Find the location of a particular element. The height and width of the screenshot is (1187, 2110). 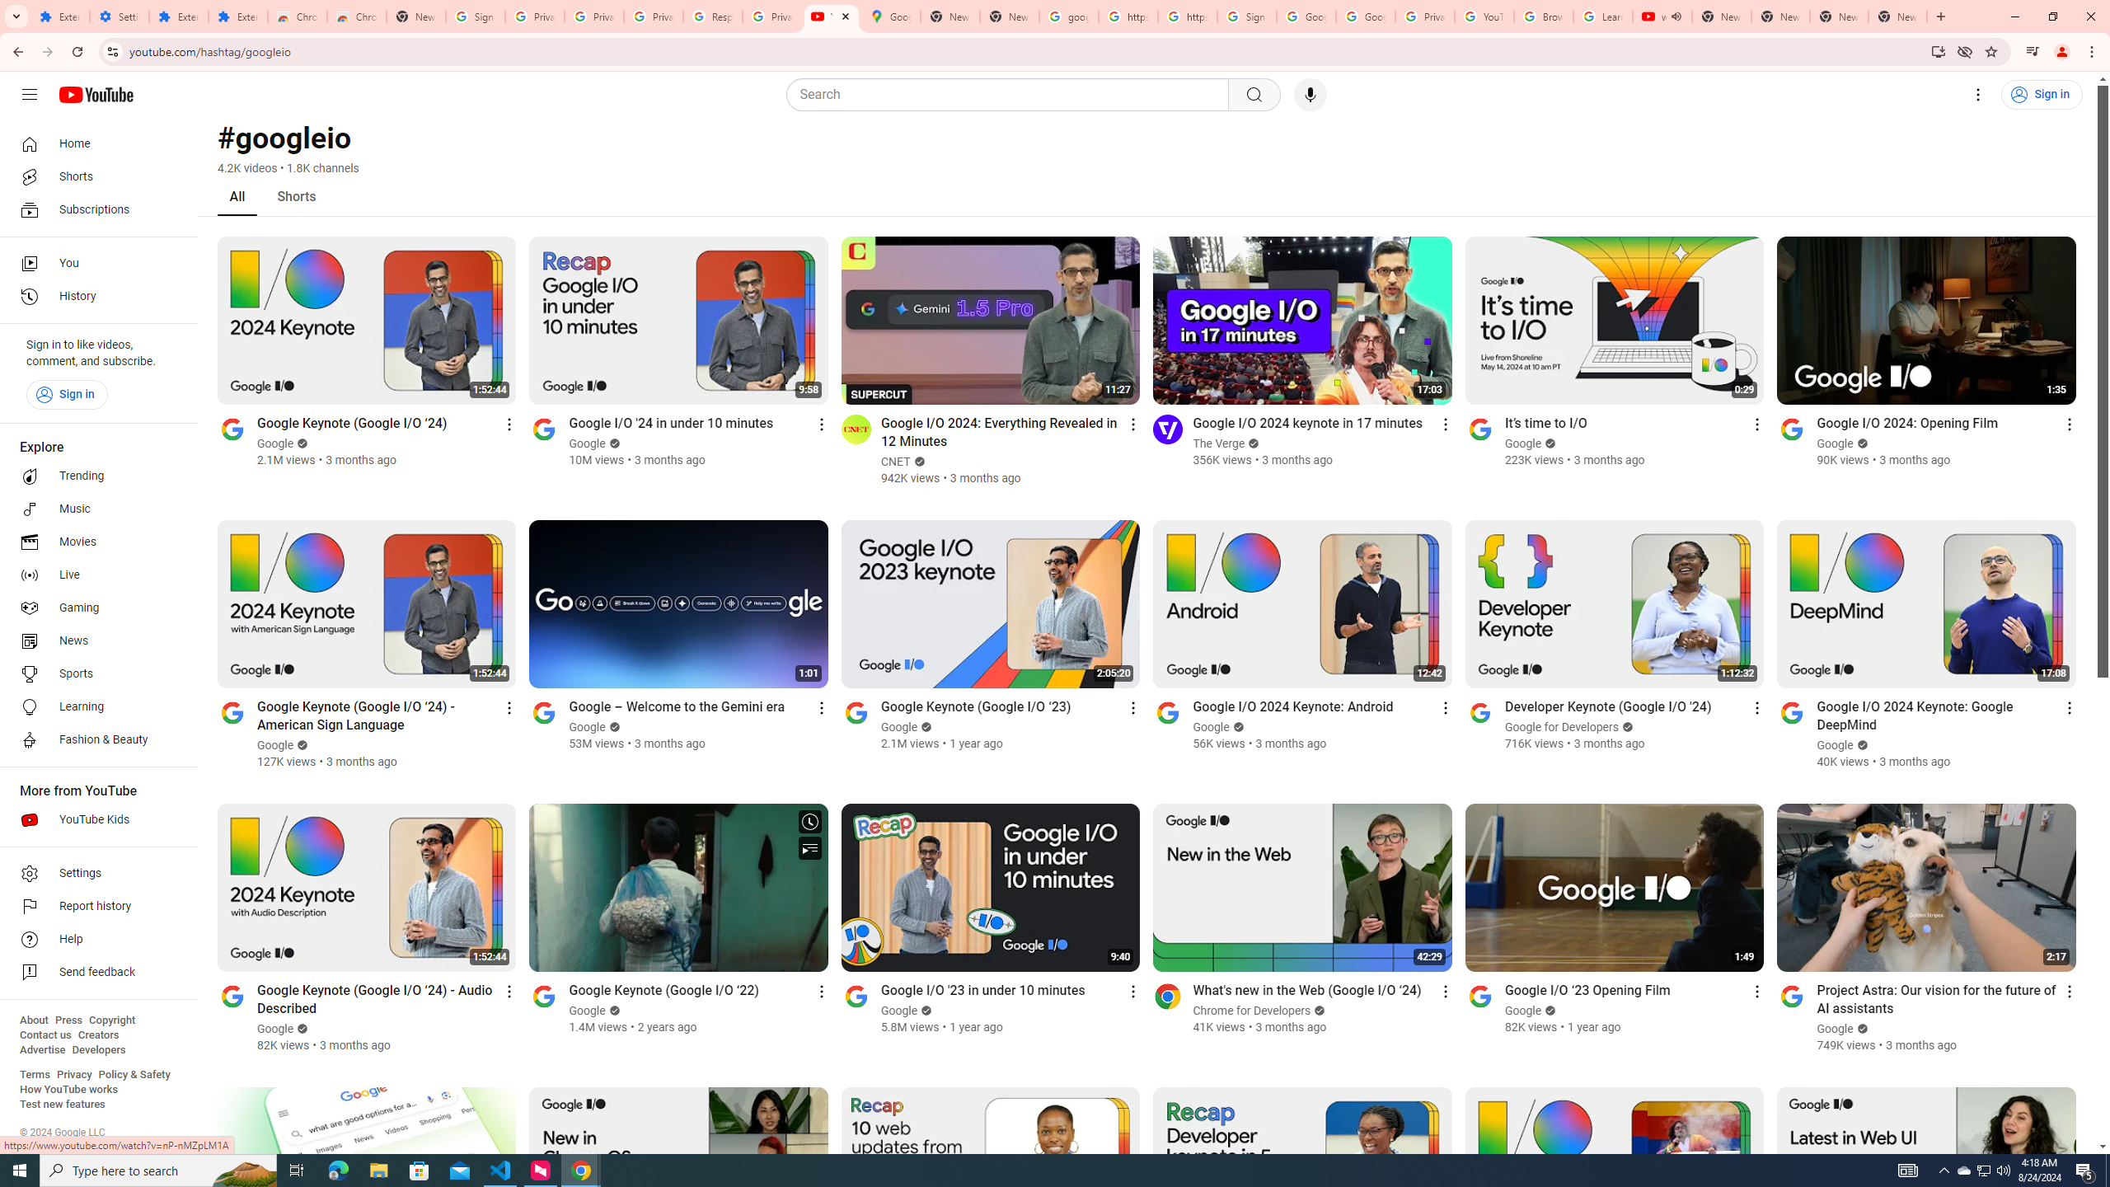

'Trending' is located at coordinates (93, 476).